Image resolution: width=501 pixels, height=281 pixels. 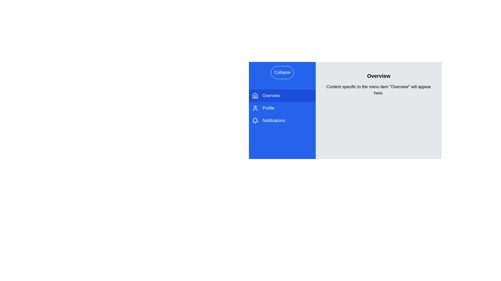 I want to click on text label or header that serves as the title for the 'Overview' section, positioned at the top of the gray content area, so click(x=379, y=76).